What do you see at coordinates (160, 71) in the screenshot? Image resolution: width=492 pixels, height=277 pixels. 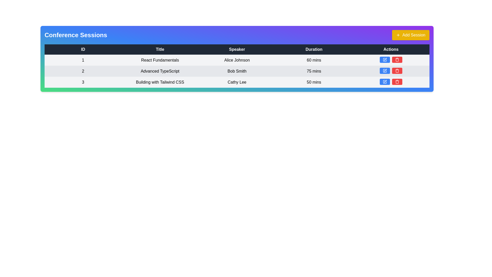 I see `the session details by clicking on the title in the second column of the second row of the table, which identifies the session` at bounding box center [160, 71].